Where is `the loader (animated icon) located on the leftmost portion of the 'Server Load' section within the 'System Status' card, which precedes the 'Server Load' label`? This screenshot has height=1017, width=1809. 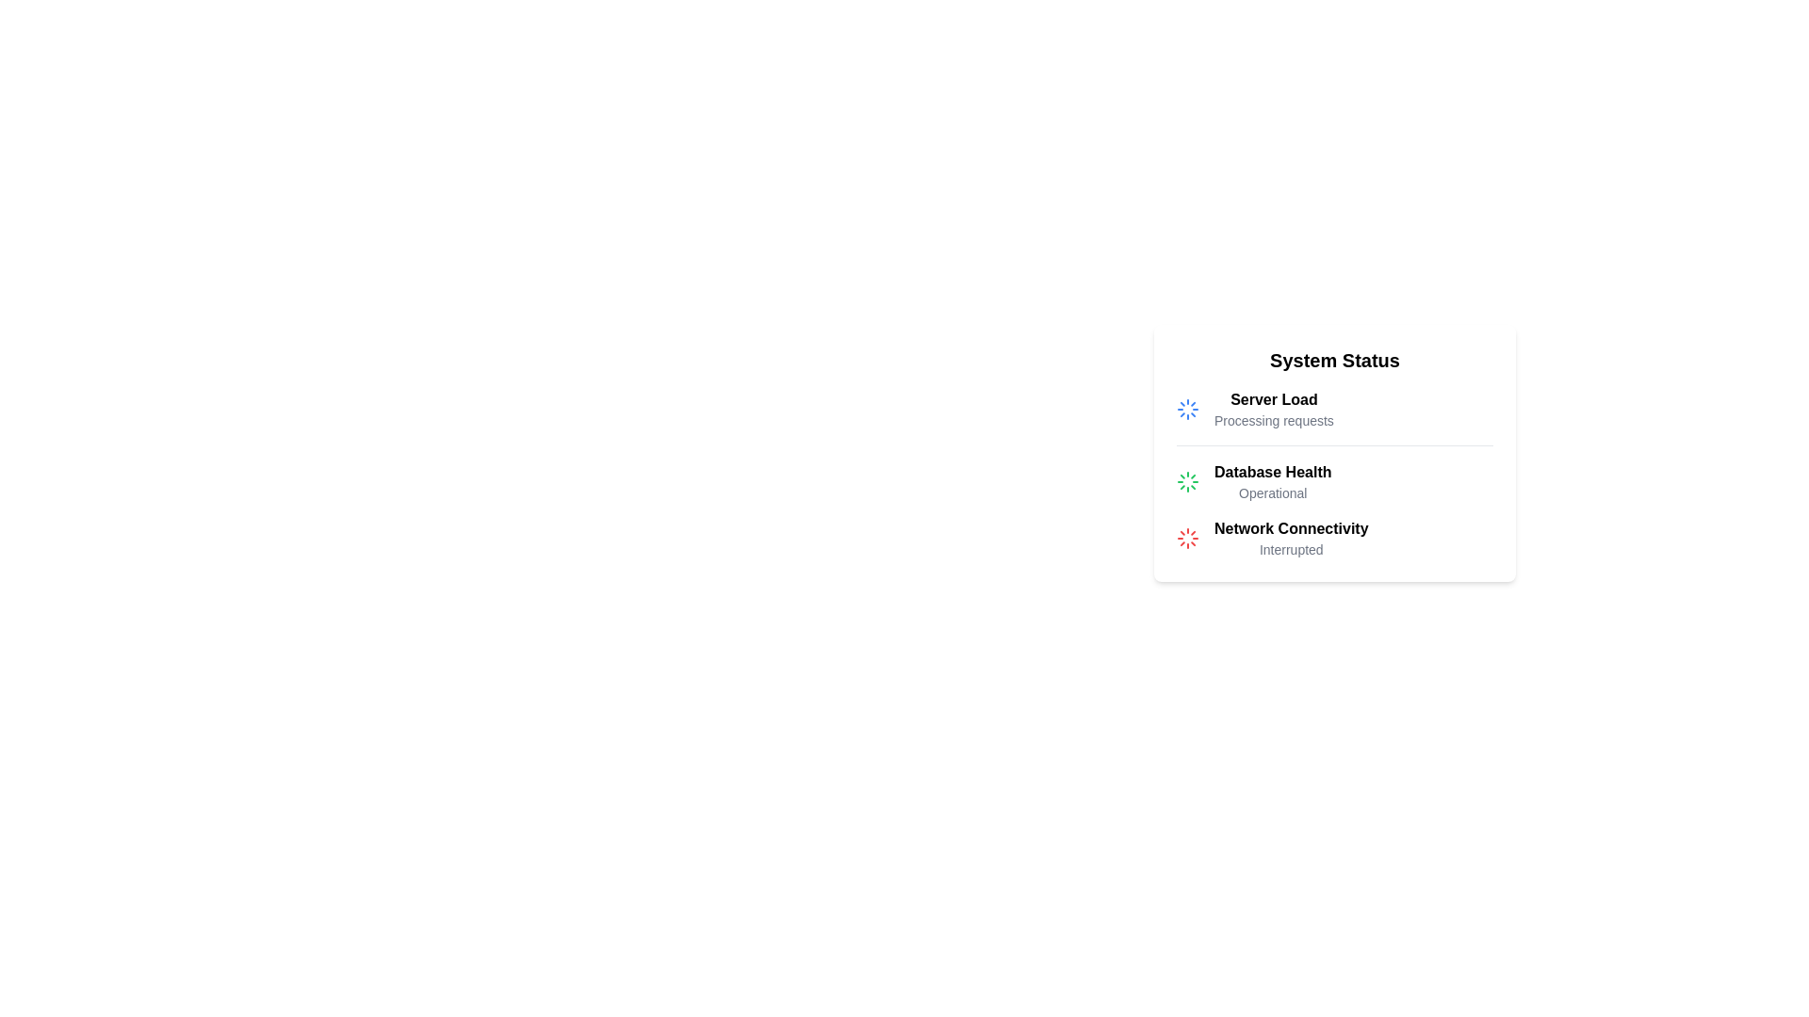
the loader (animated icon) located on the leftmost portion of the 'Server Load' section within the 'System Status' card, which precedes the 'Server Load' label is located at coordinates (1187, 409).